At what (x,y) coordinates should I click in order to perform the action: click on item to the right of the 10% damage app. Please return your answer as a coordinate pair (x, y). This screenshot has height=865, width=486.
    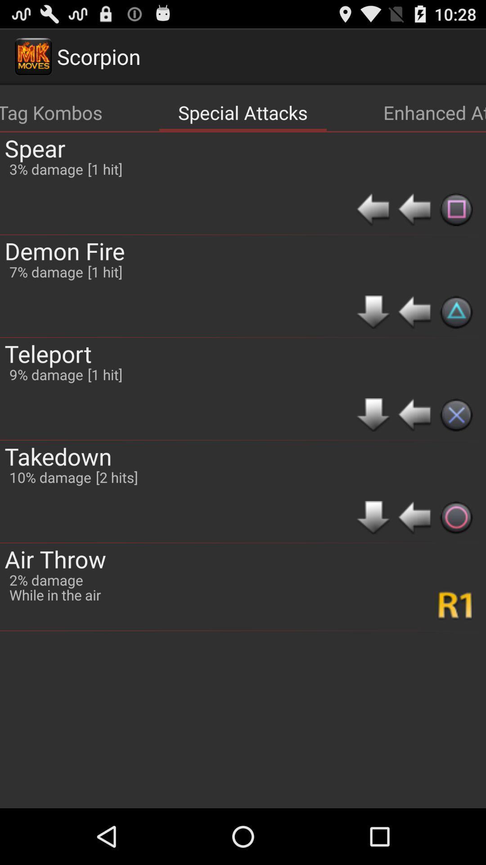
    Looking at the image, I should click on (116, 477).